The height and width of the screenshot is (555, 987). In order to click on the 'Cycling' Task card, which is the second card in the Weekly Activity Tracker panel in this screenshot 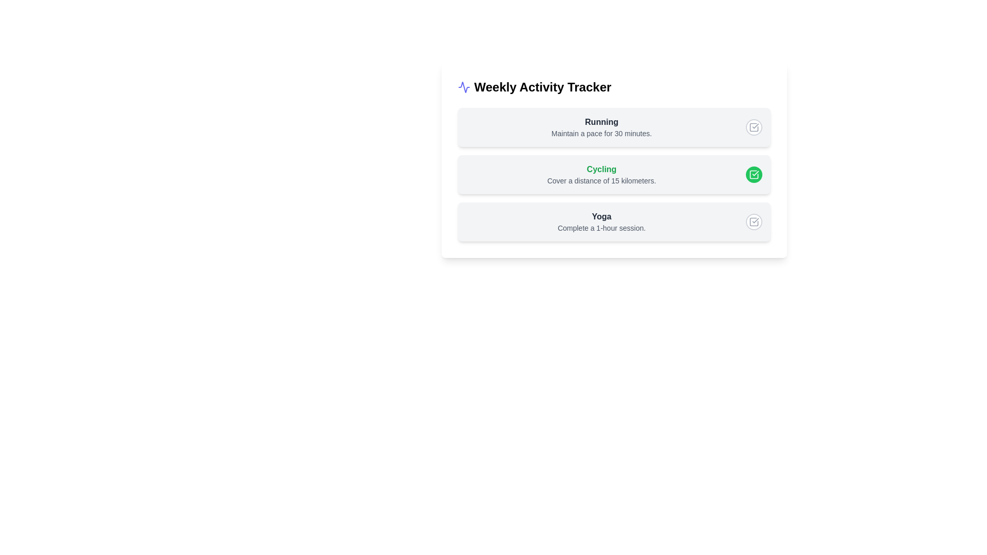, I will do `click(614, 160)`.